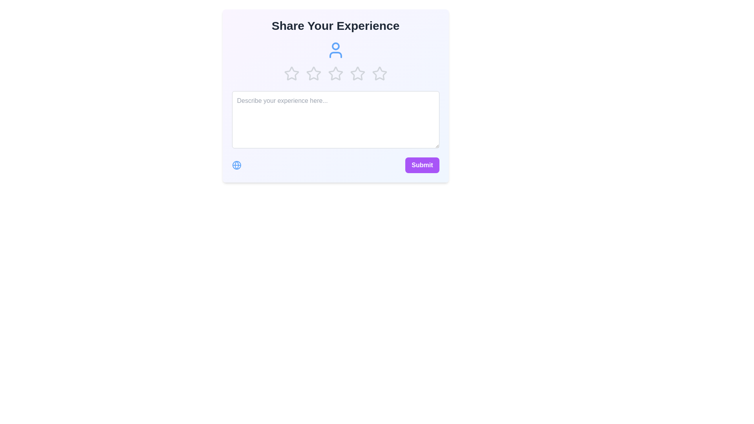 The image size is (754, 424). Describe the element at coordinates (335, 74) in the screenshot. I see `the third star-shaped icon in the rating system located beneath the text 'Share Your Experience' to rate it` at that location.